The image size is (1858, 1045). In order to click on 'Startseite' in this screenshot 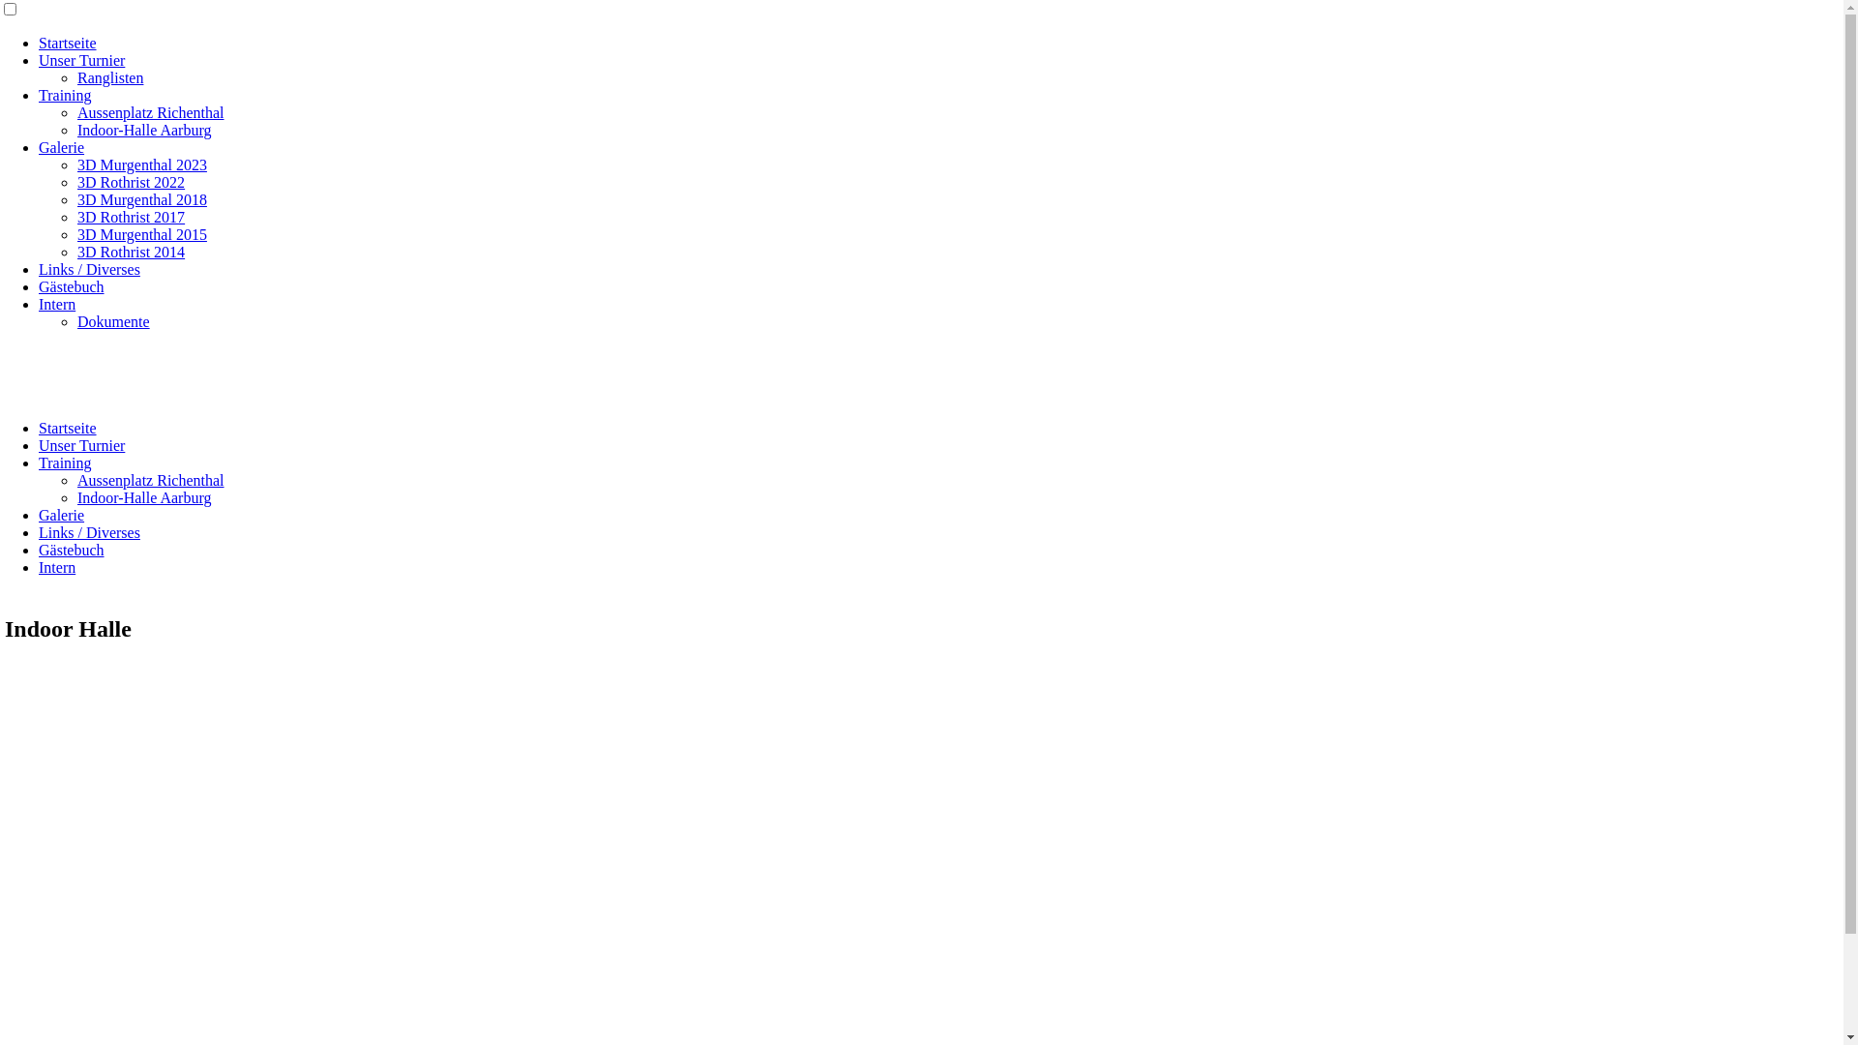, I will do `click(38, 427)`.